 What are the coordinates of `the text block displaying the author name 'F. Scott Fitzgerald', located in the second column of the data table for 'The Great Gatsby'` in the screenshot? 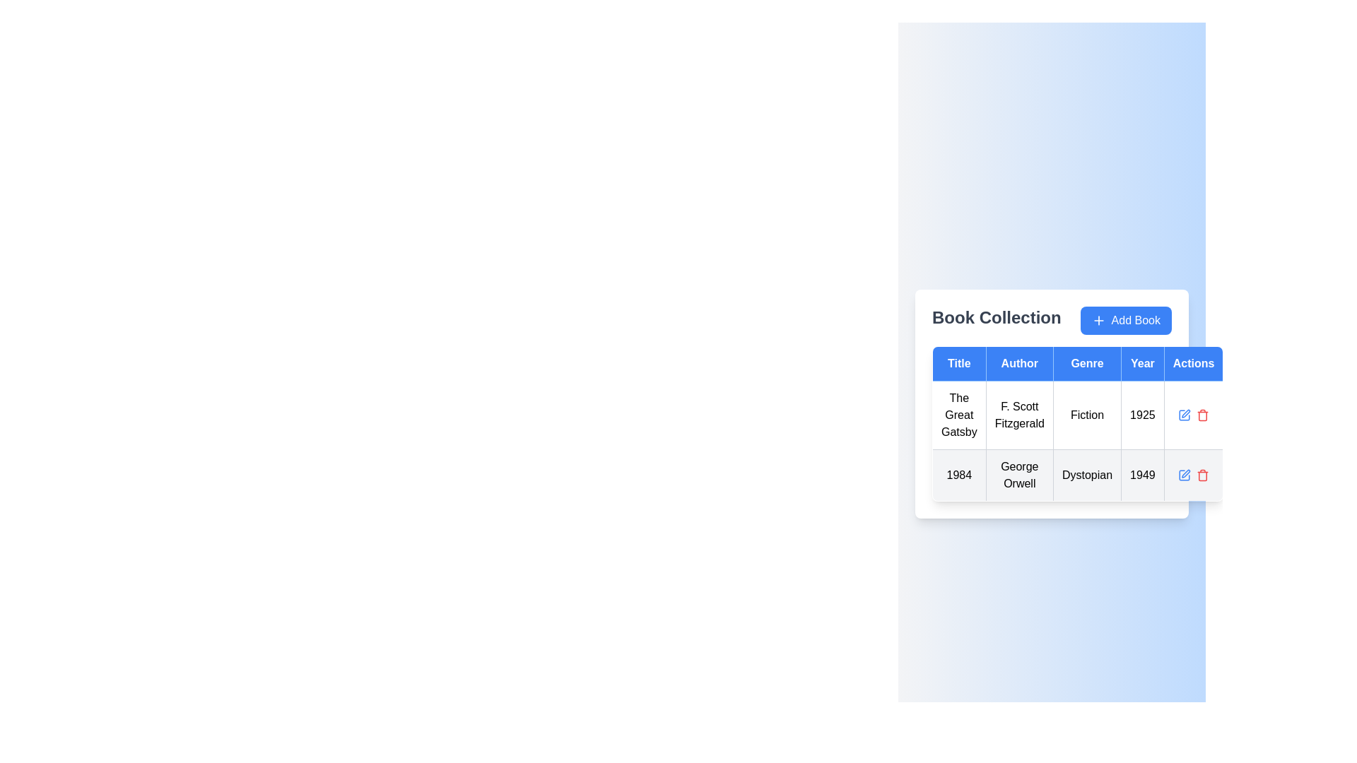 It's located at (1019, 414).